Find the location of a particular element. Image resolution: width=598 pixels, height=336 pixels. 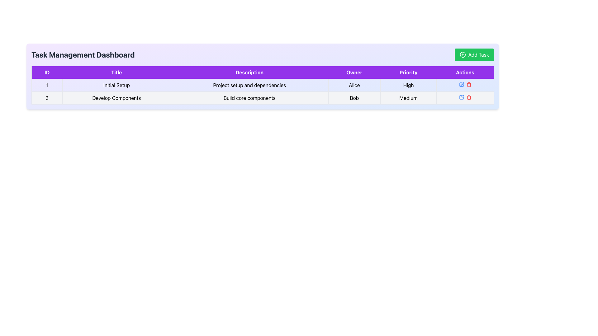

the 'Actions' table column header, which is the sixth column header in a row of headers, featuring a bold white font on a purple background is located at coordinates (465, 72).